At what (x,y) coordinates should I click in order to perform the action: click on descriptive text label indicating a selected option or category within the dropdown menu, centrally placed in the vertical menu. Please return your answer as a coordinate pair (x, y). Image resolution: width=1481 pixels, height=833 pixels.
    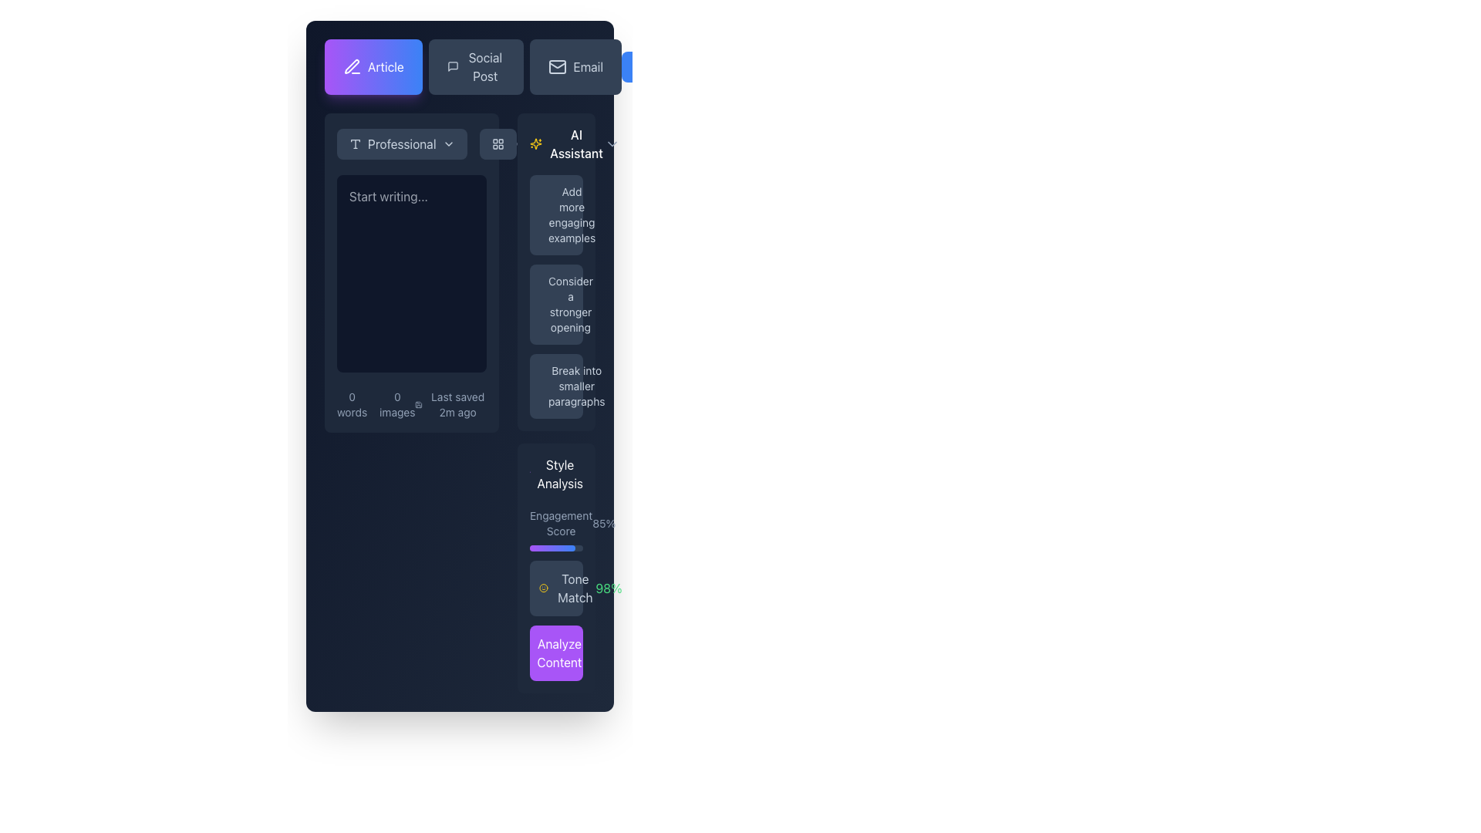
    Looking at the image, I should click on (402, 143).